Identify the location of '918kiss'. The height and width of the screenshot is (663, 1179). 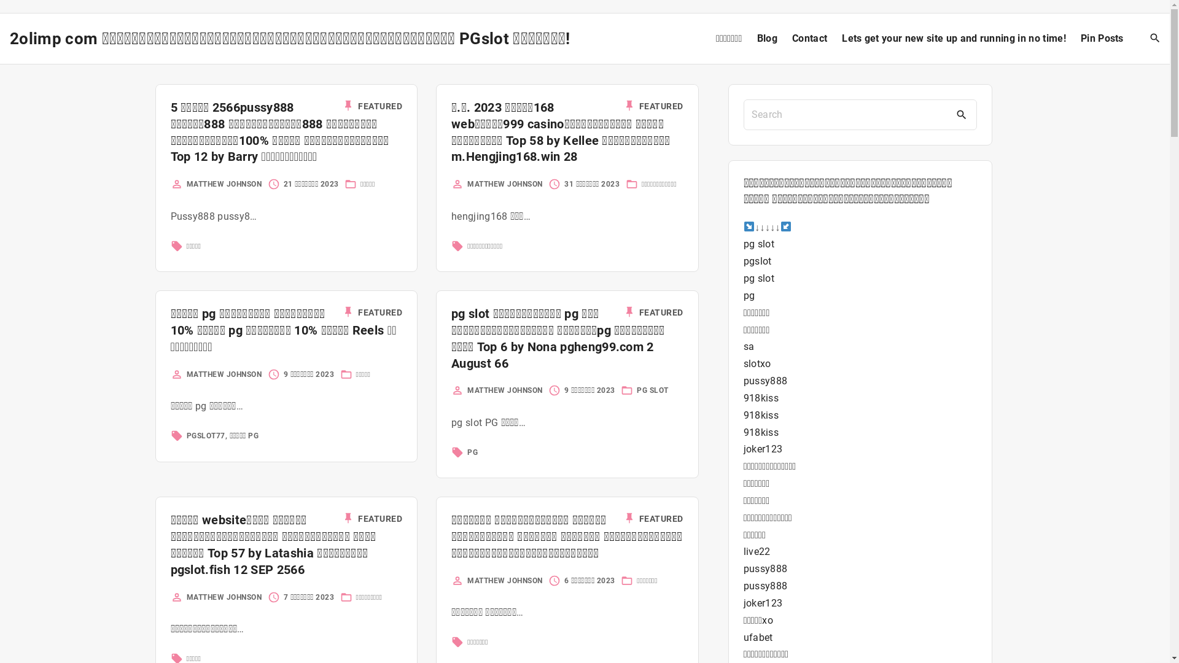
(742, 414).